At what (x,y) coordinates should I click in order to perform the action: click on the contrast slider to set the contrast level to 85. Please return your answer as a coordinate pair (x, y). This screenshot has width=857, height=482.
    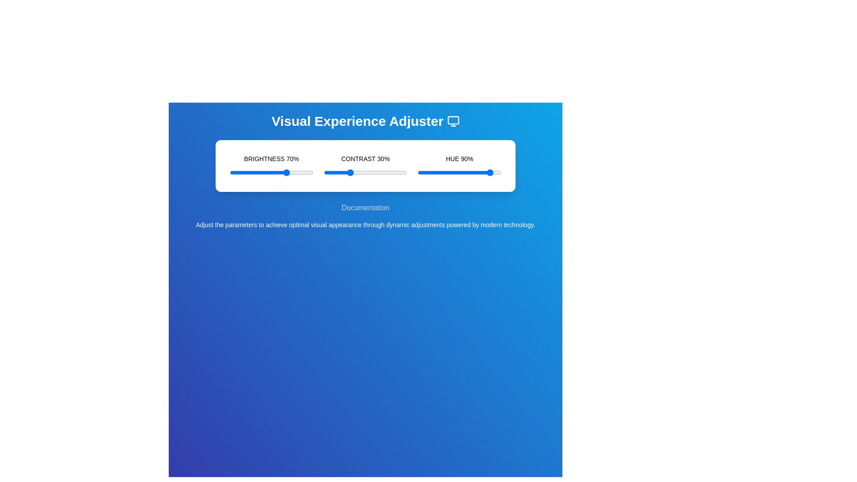
    Looking at the image, I should click on (394, 172).